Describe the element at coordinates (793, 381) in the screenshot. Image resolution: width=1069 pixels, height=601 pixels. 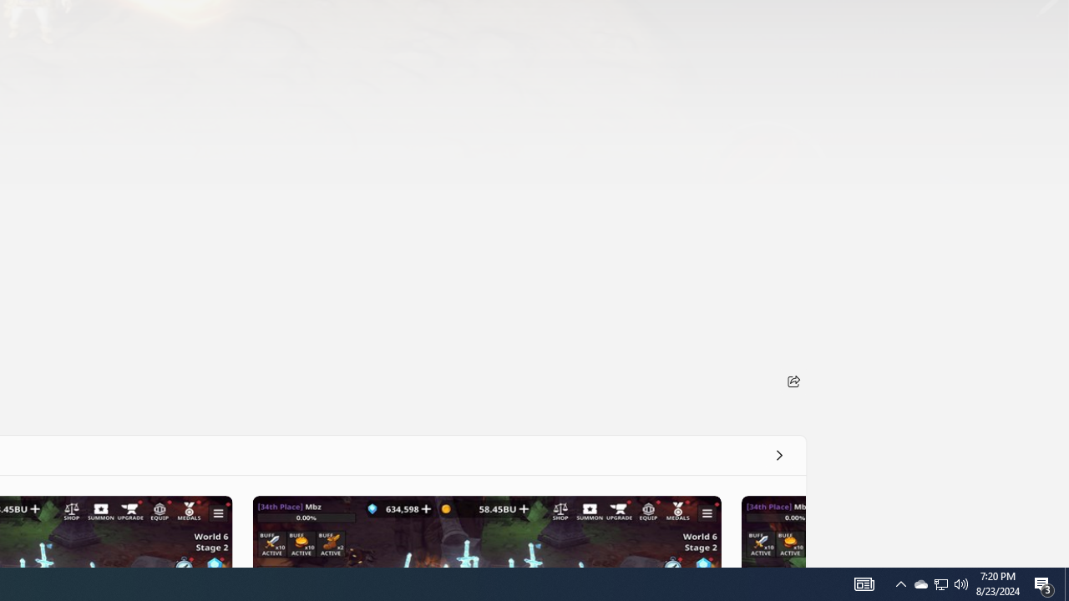
I see `'Share'` at that location.